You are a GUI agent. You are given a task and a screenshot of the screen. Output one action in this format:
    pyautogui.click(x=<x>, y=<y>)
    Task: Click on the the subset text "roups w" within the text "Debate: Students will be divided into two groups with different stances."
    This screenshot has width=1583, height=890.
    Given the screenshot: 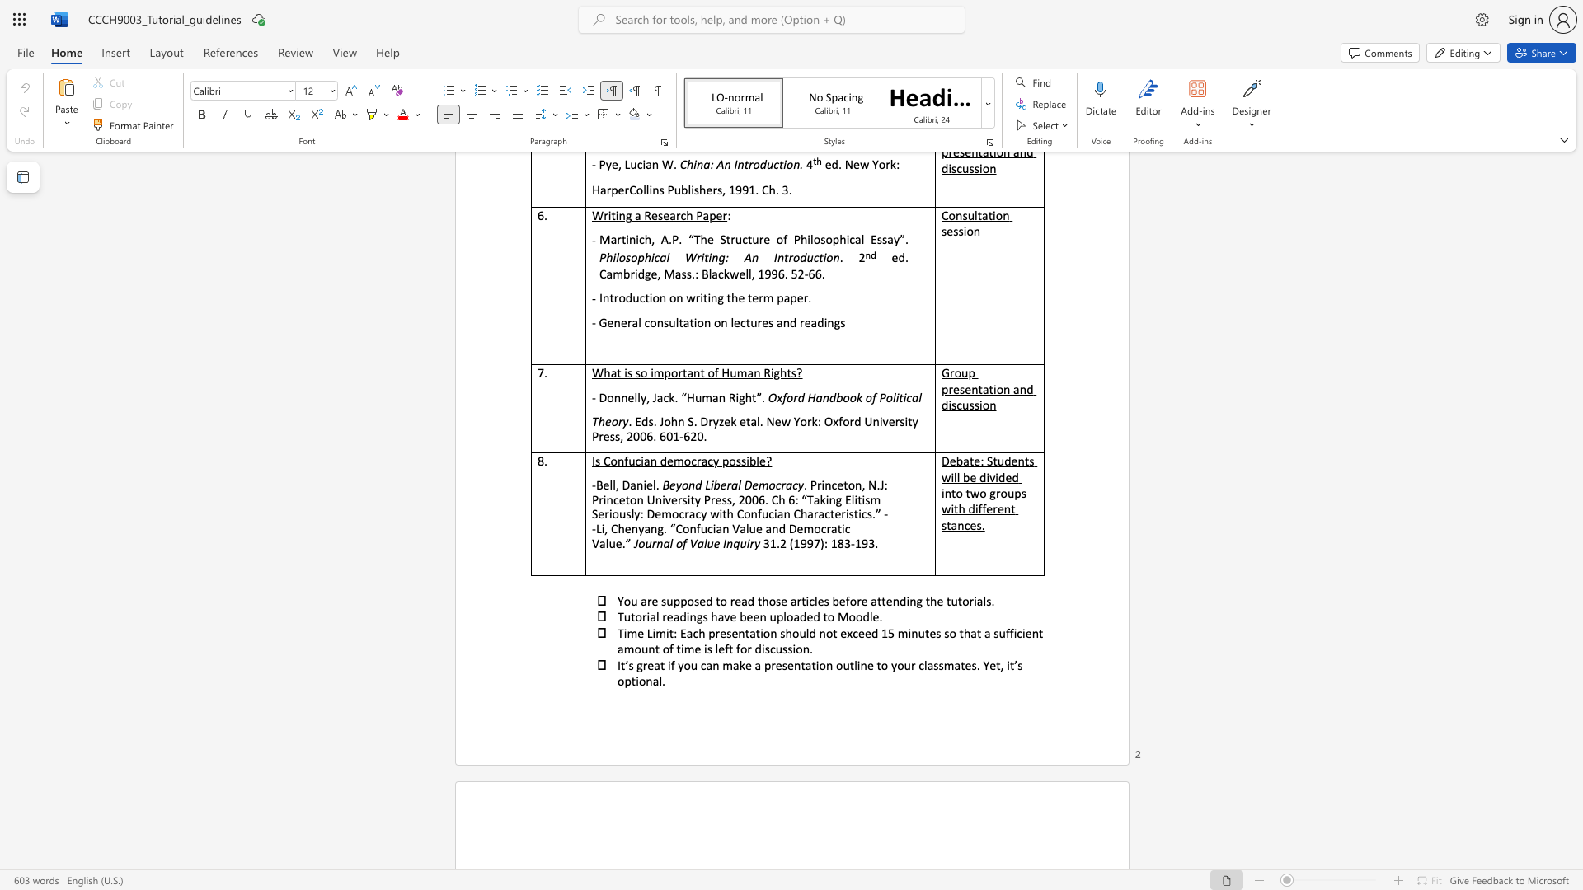 What is the action you would take?
    pyautogui.click(x=994, y=492)
    